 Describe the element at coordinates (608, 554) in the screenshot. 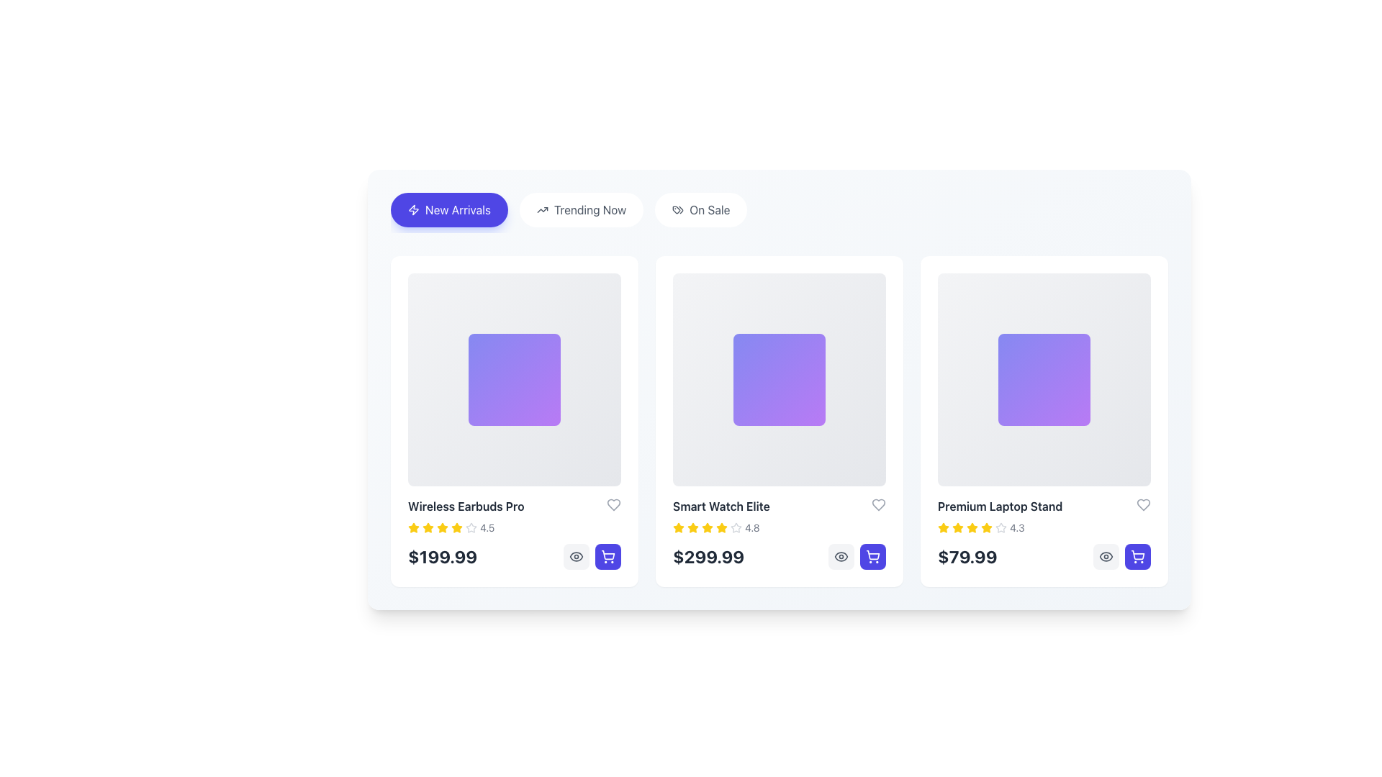

I see `the shopping cart icon represented by a vector graphic in the third product card, located at the bottom-right corner of the card` at that location.